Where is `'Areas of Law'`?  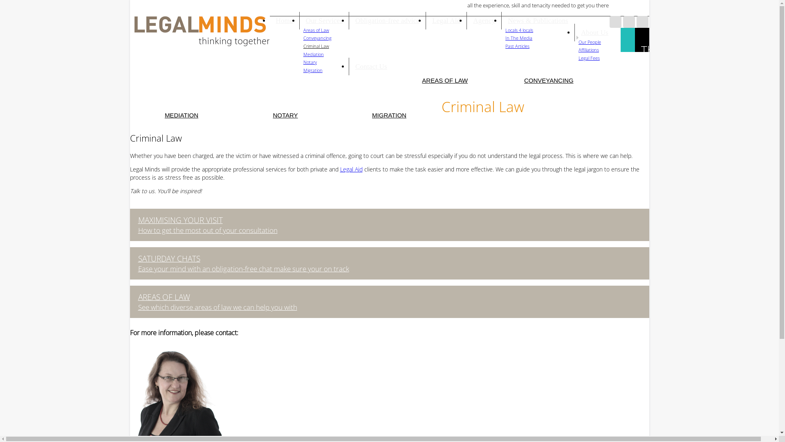 'Areas of Law' is located at coordinates (316, 29).